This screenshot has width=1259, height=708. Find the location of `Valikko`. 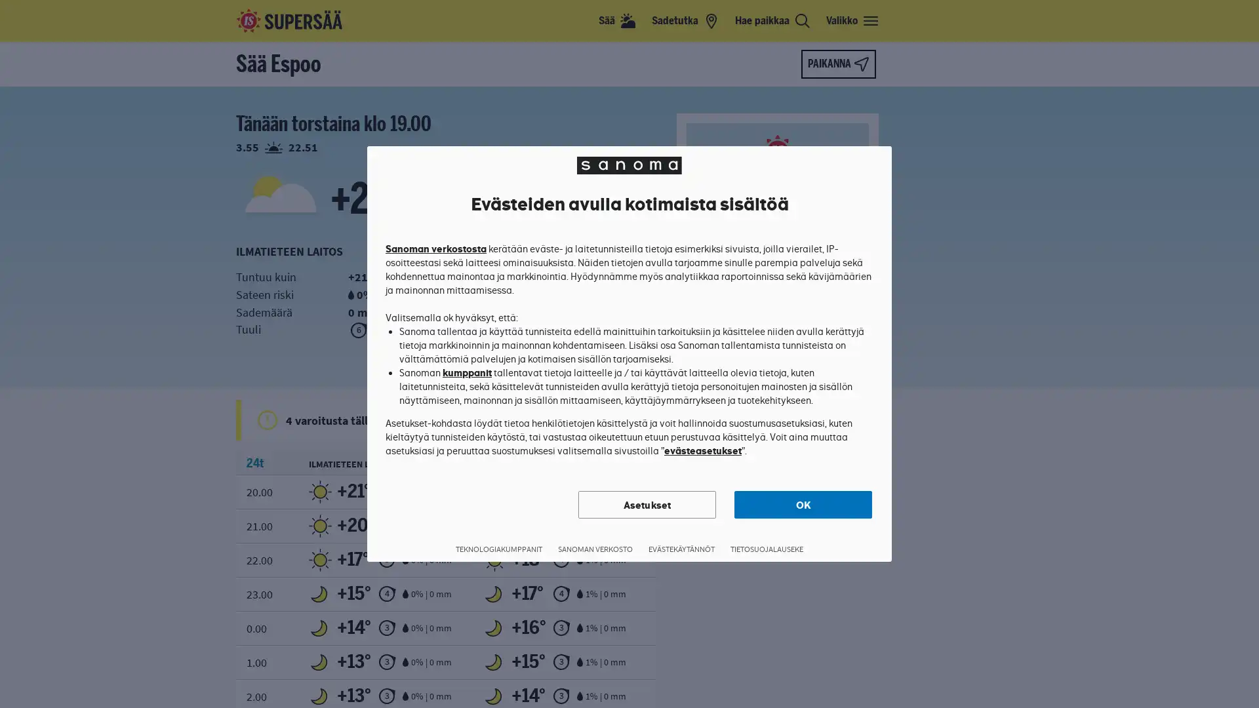

Valikko is located at coordinates (852, 20).